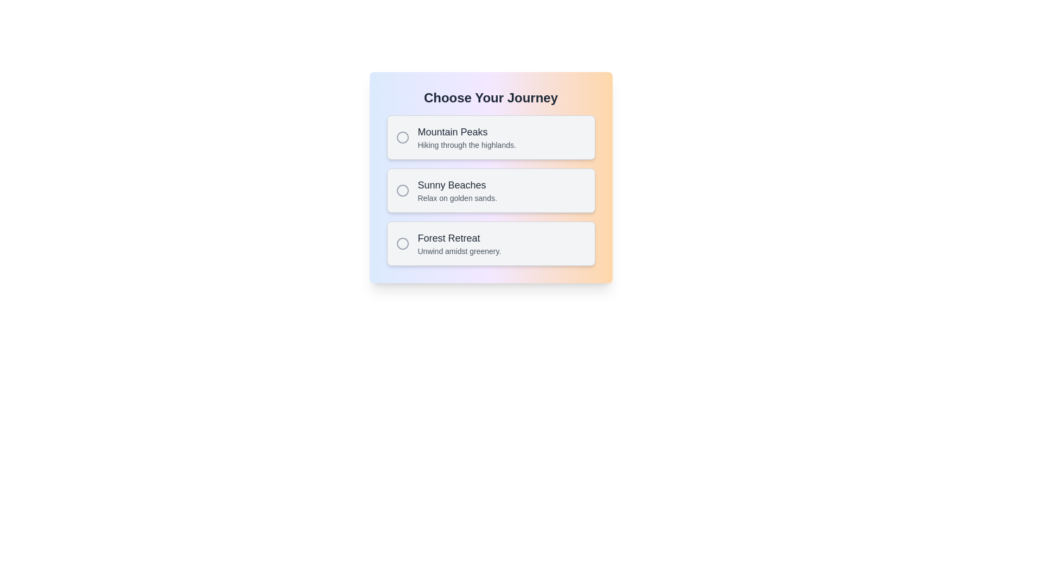 This screenshot has width=1041, height=585. Describe the element at coordinates (402, 190) in the screenshot. I see `the radio button indicator for selecting the 'Sunny Beaches' option, which is the first icon on the left within the second option card` at that location.